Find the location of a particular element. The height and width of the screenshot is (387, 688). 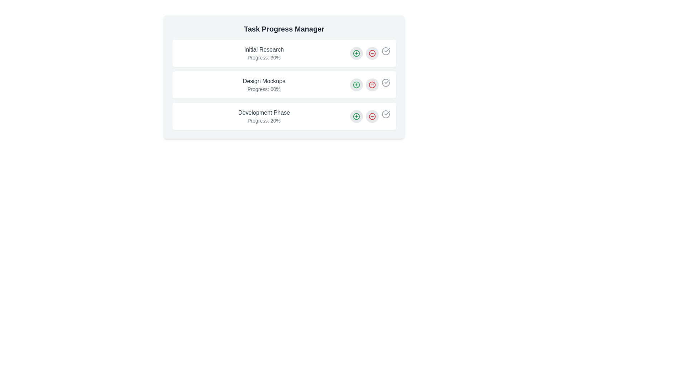

the Text display area in the 'Task Progress Manager' interface that shows the task name and progress information is located at coordinates (264, 53).